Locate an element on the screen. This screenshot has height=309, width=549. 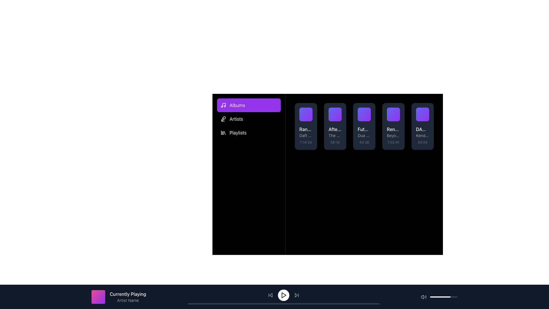
the heart icon located at the top-right corner of the album card labeled 'DAMN.' to like the album is located at coordinates (425, 111).